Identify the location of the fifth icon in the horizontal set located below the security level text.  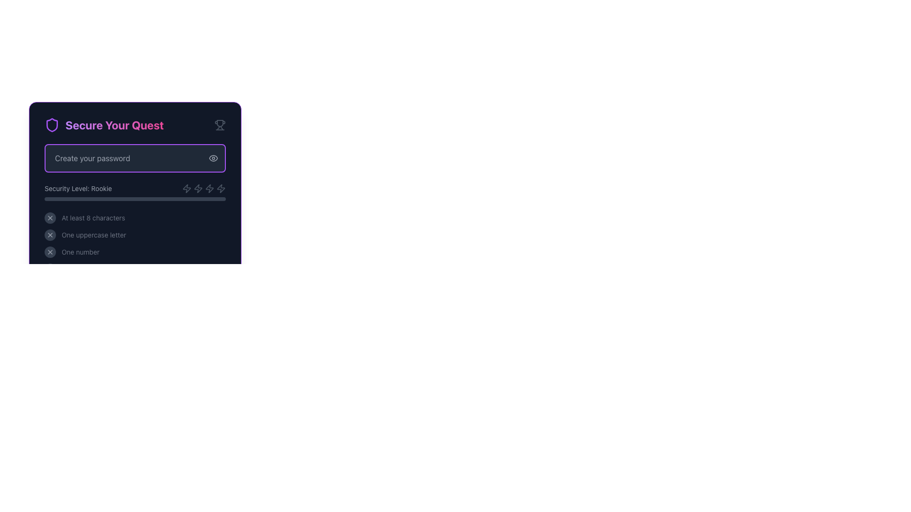
(209, 188).